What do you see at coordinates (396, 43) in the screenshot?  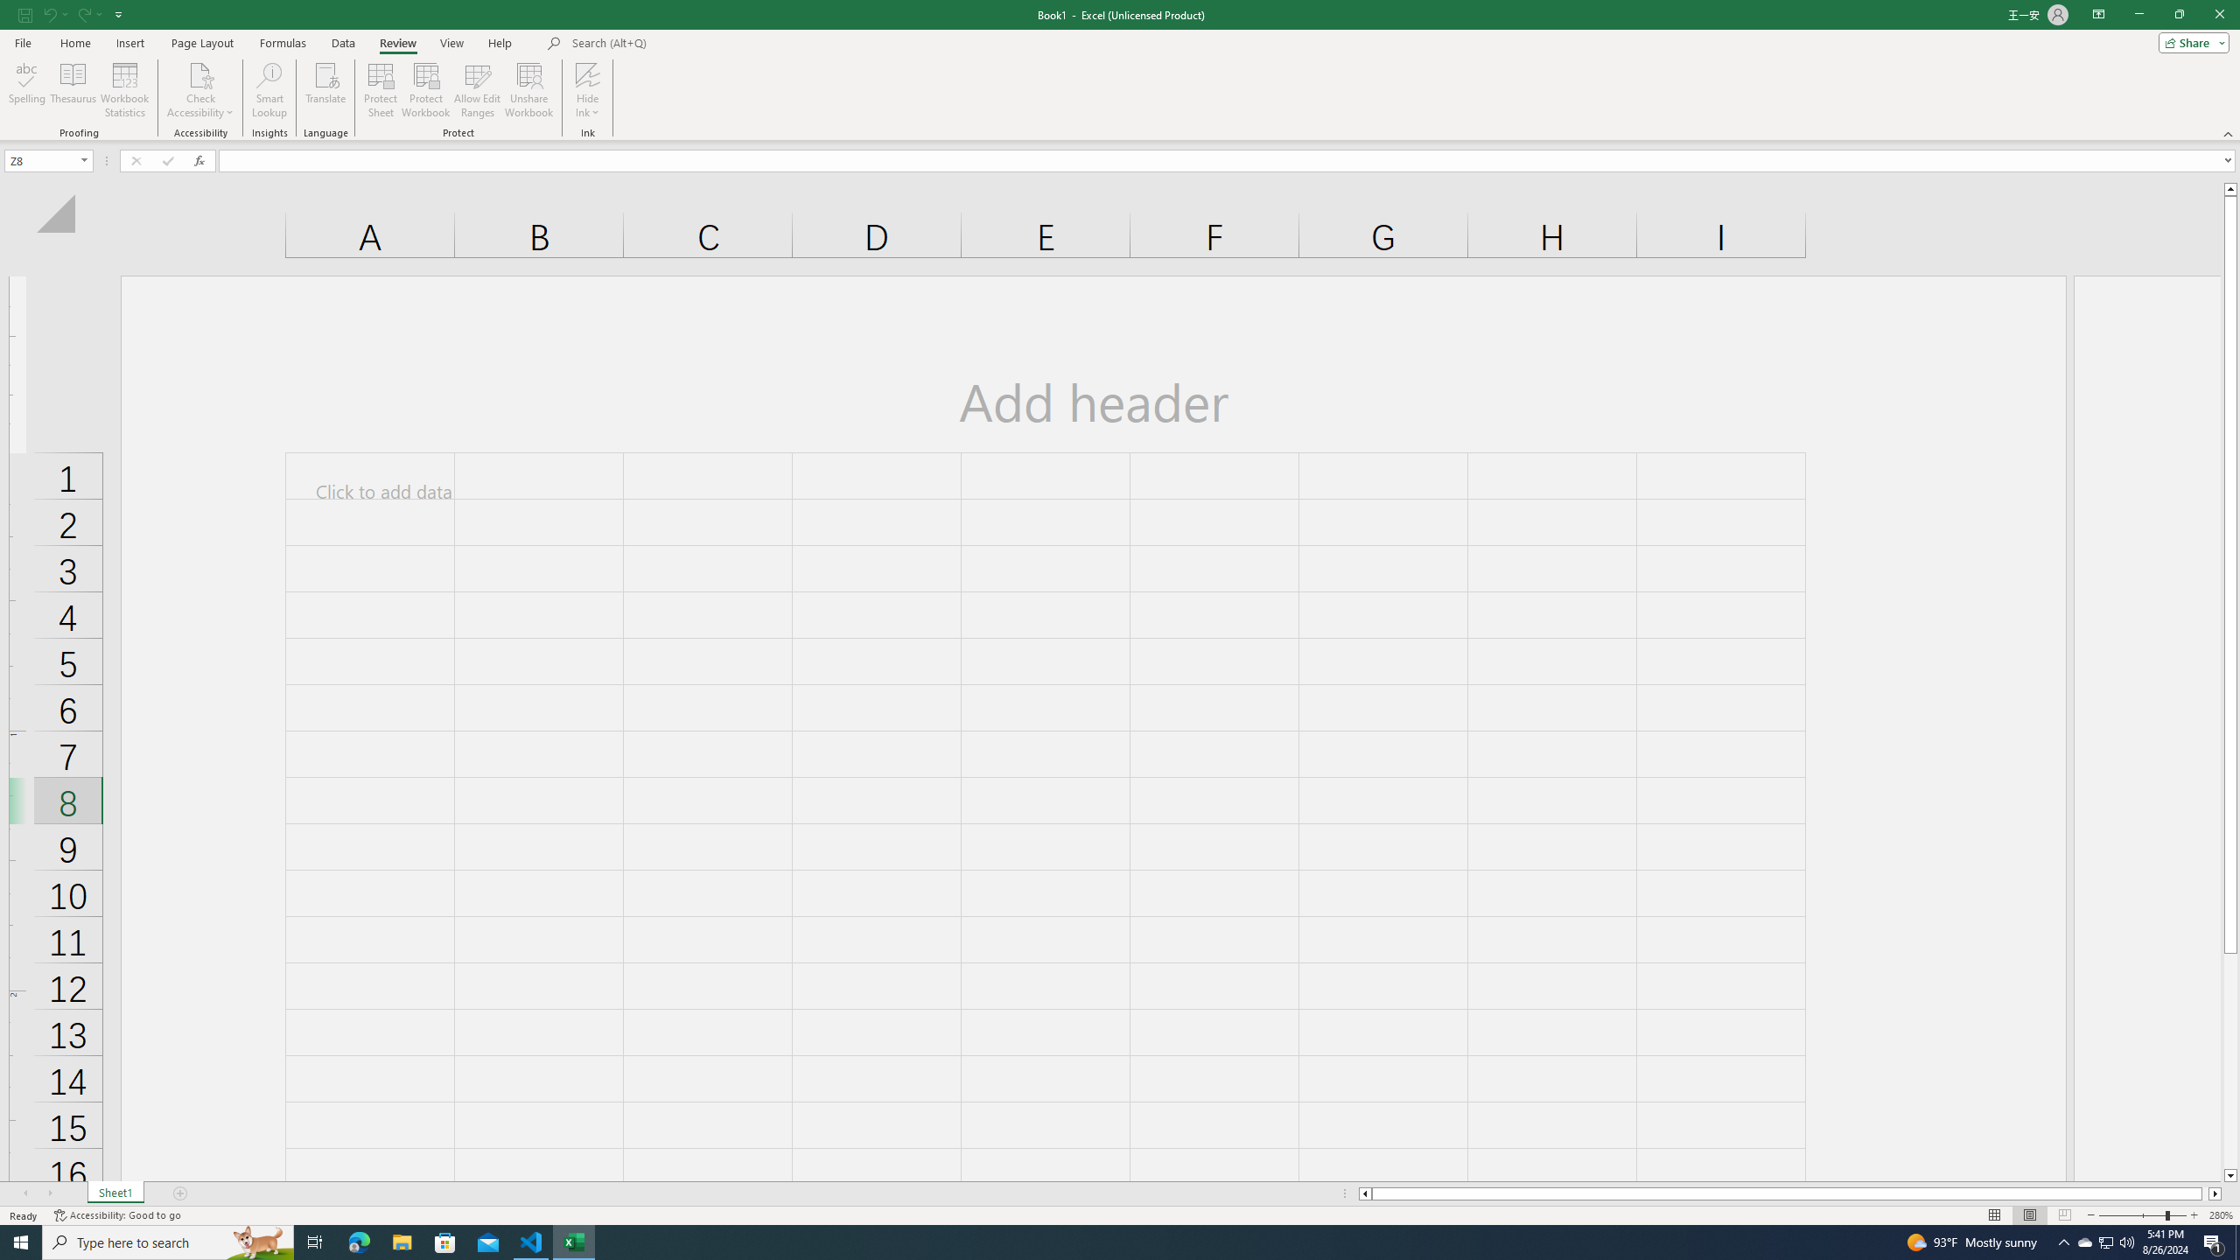 I see `'Review'` at bounding box center [396, 43].